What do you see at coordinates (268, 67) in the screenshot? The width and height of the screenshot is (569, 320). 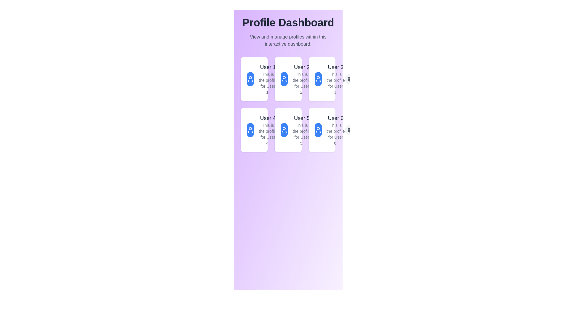 I see `text 'User 1' displayed in bold, dark gray font within the top-left card of the profile grid` at bounding box center [268, 67].